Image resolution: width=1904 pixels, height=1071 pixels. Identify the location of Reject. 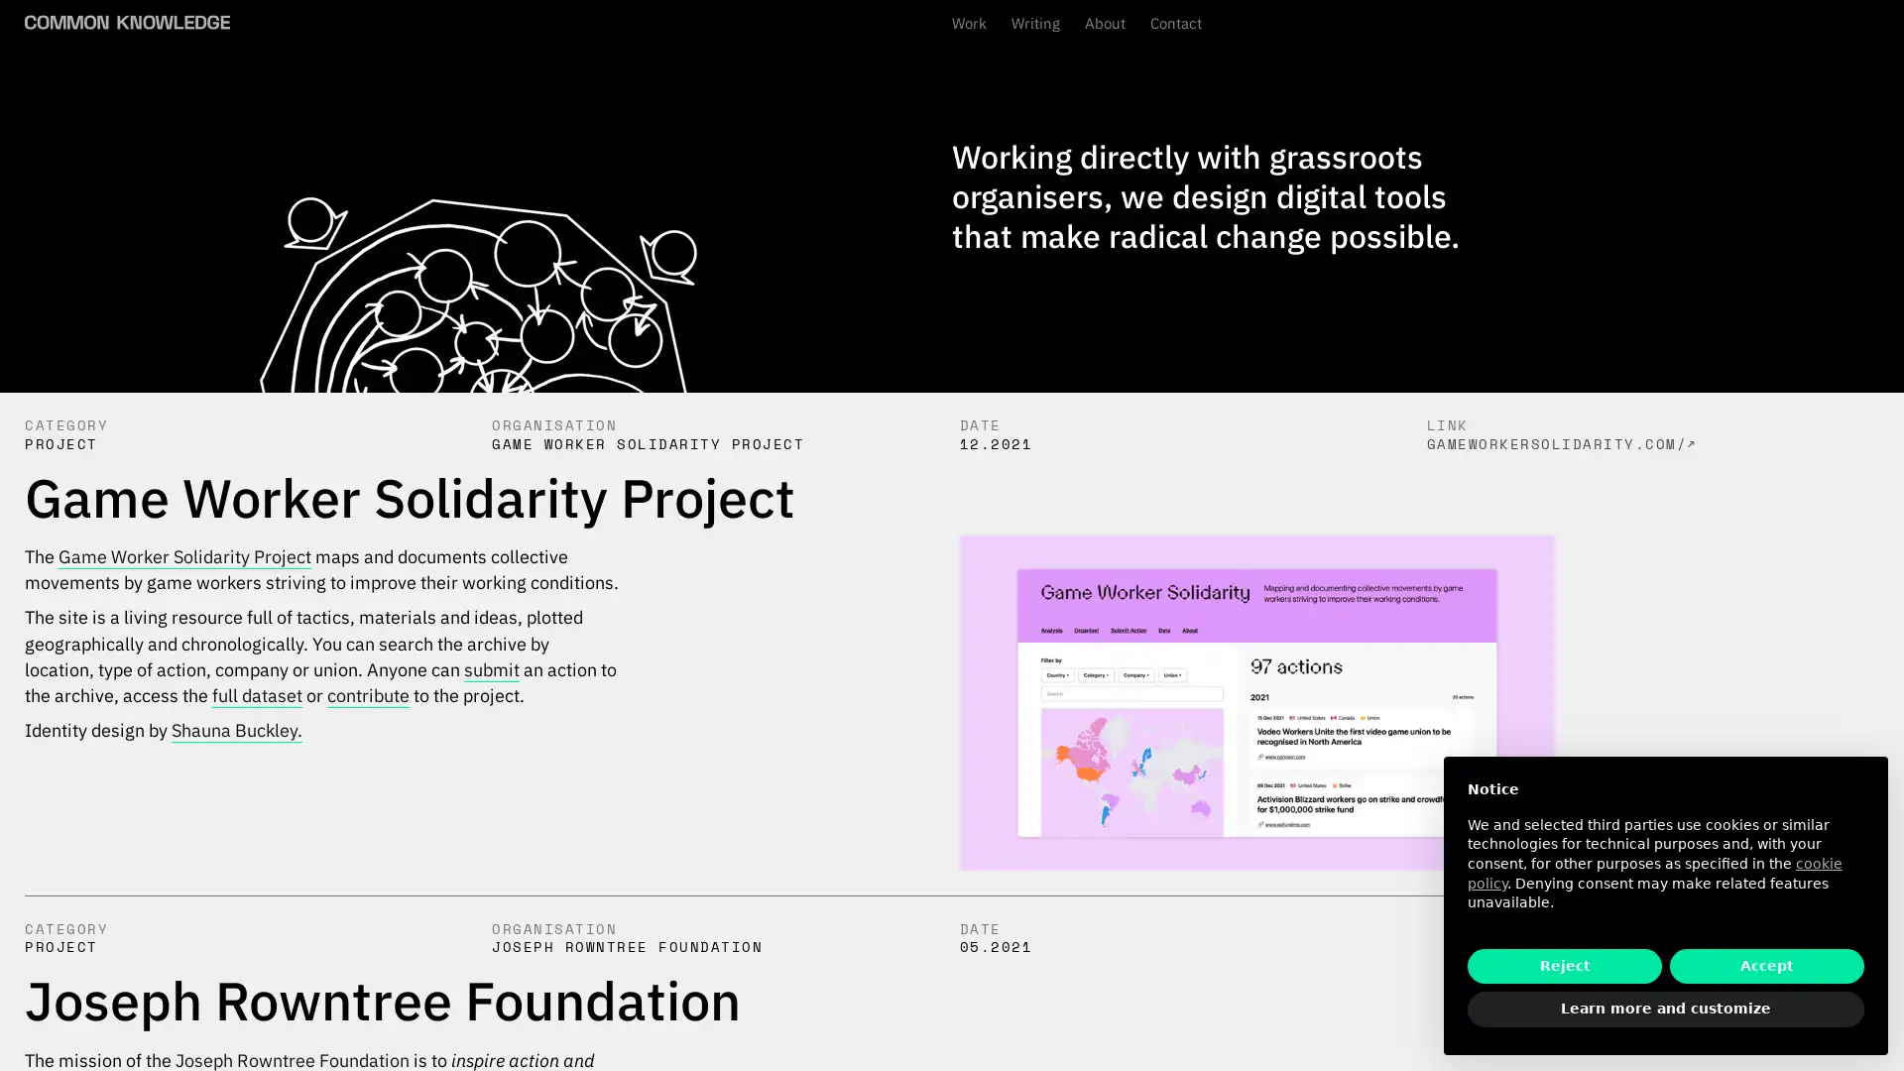
(1564, 965).